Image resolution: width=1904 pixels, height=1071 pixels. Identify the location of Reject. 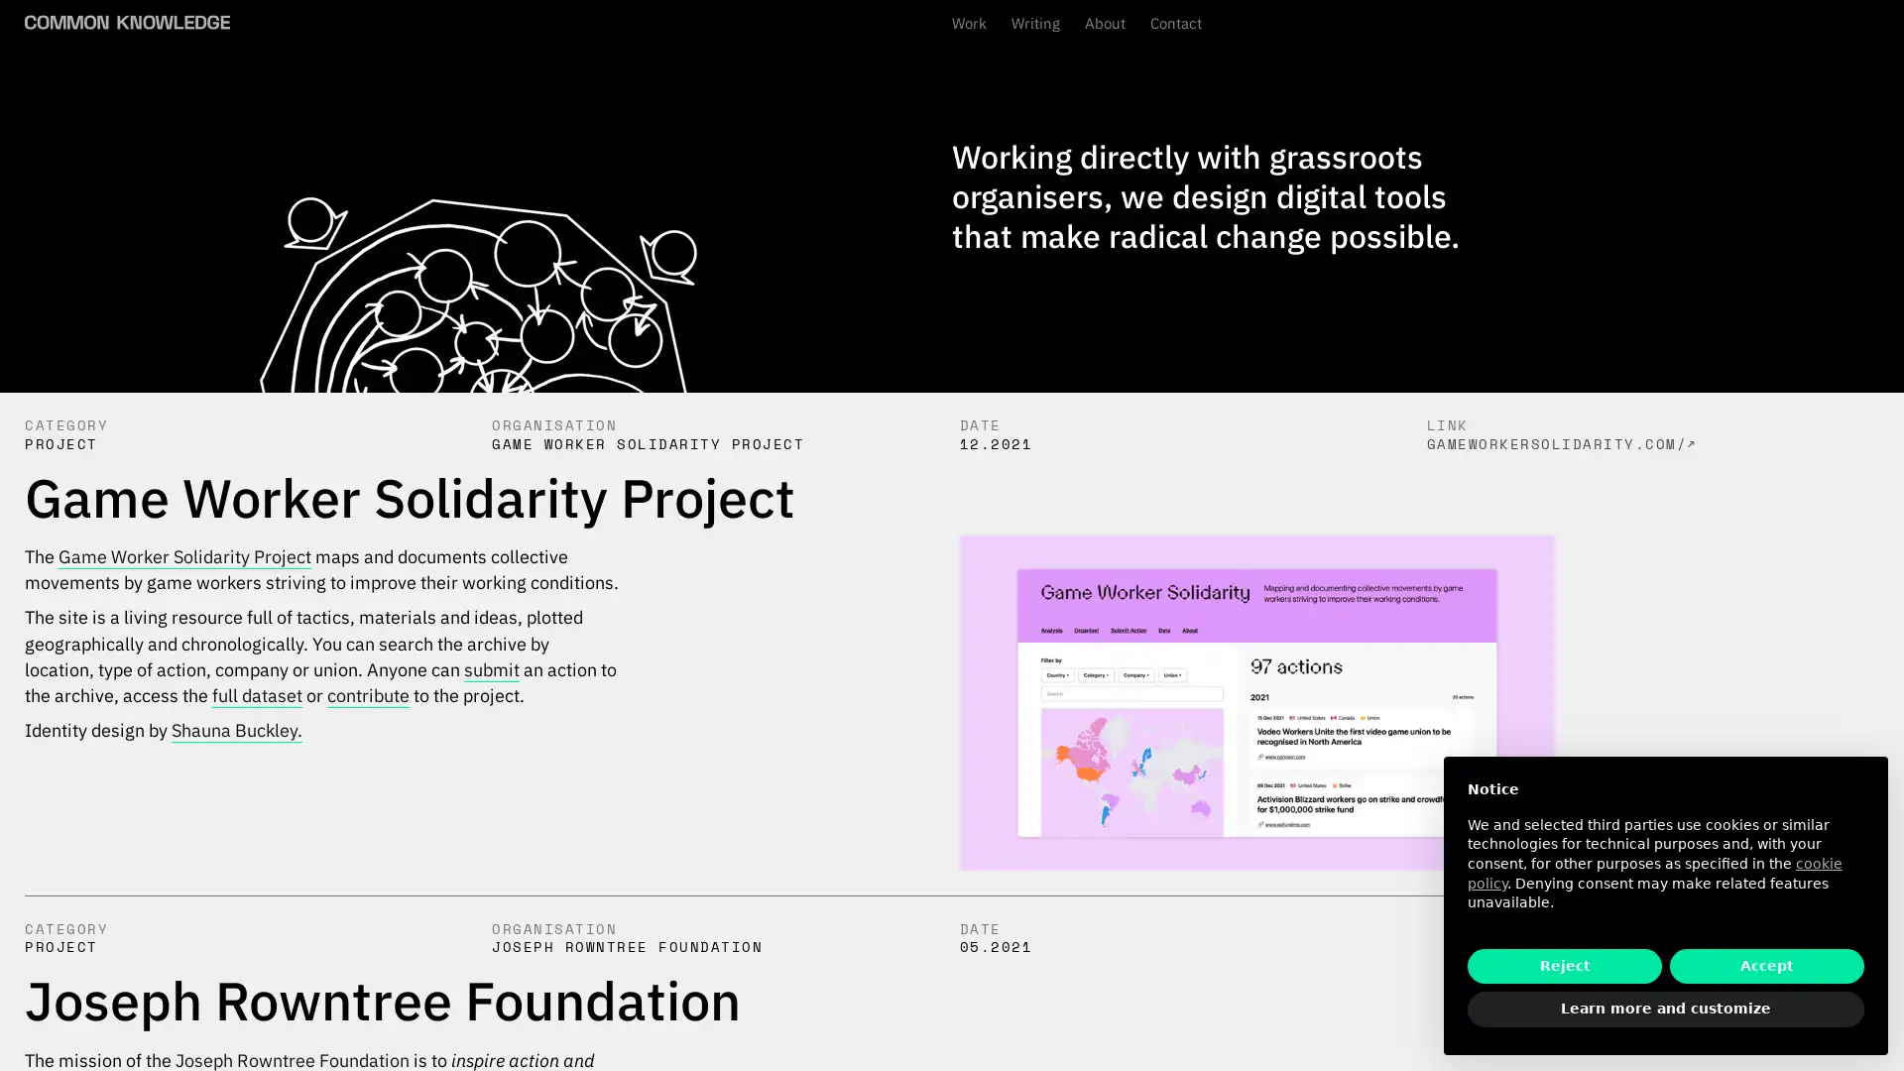
(1564, 965).